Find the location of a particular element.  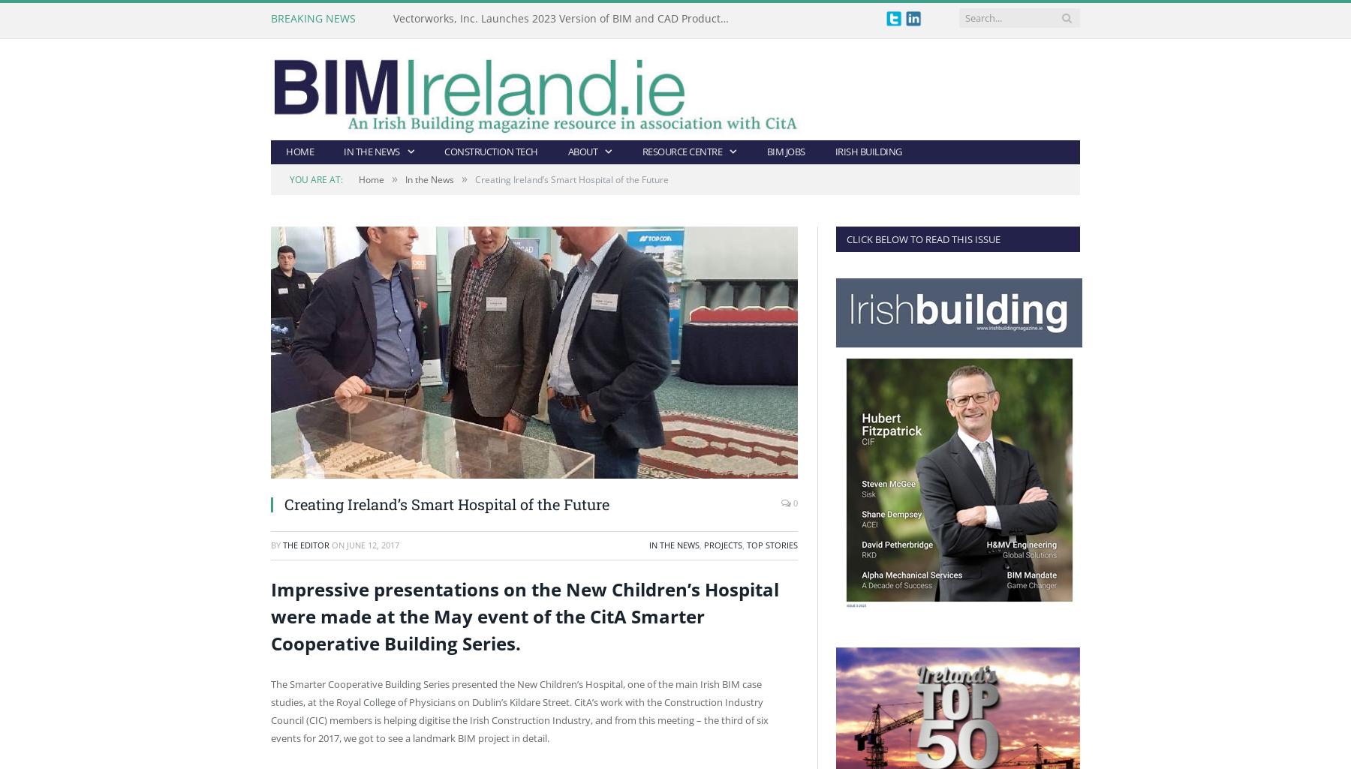

'June 12, 2017' is located at coordinates (372, 544).